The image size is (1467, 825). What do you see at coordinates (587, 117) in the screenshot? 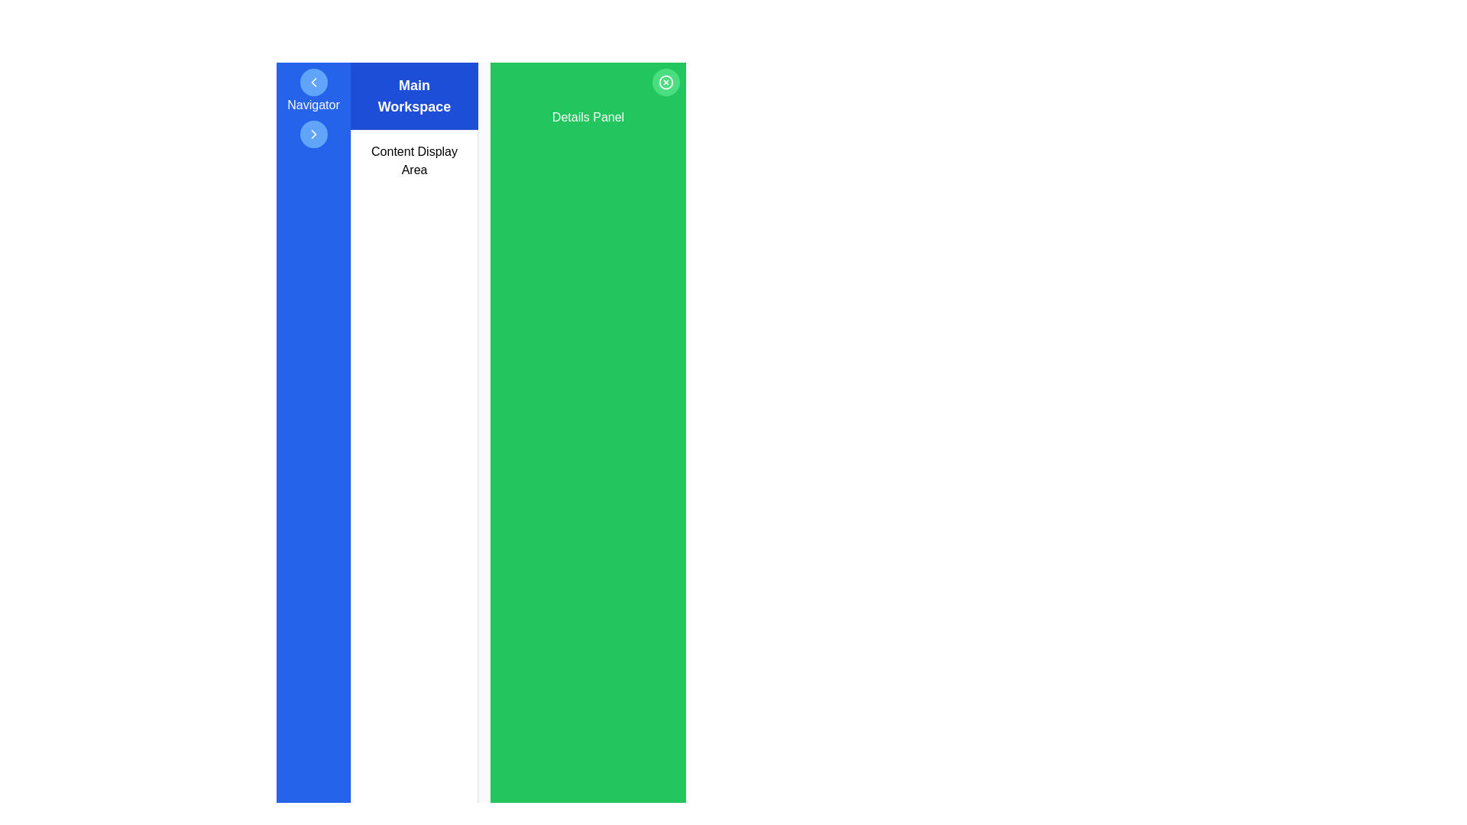
I see `the 'Details Panel' text label, which is displayed in bold white font on a vibrant green background, located at the top of the green sidebar` at bounding box center [587, 117].